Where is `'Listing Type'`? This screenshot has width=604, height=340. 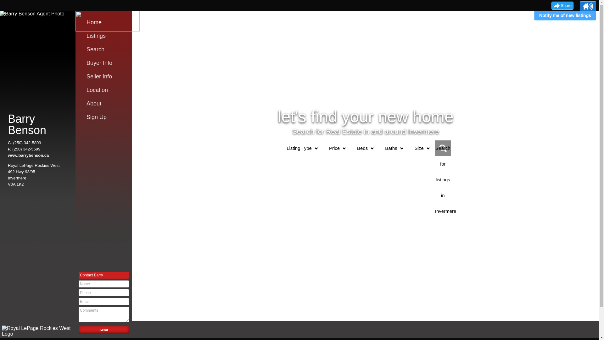
'Listing Type' is located at coordinates (299, 148).